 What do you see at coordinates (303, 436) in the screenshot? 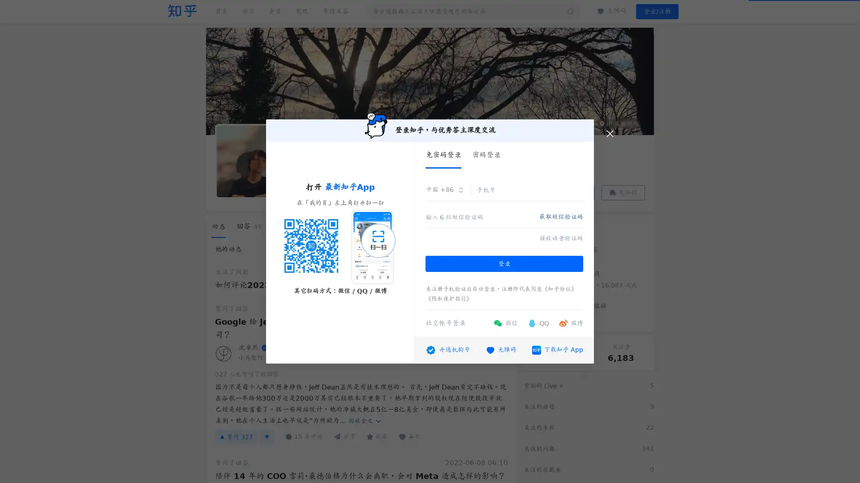
I see `15` at bounding box center [303, 436].